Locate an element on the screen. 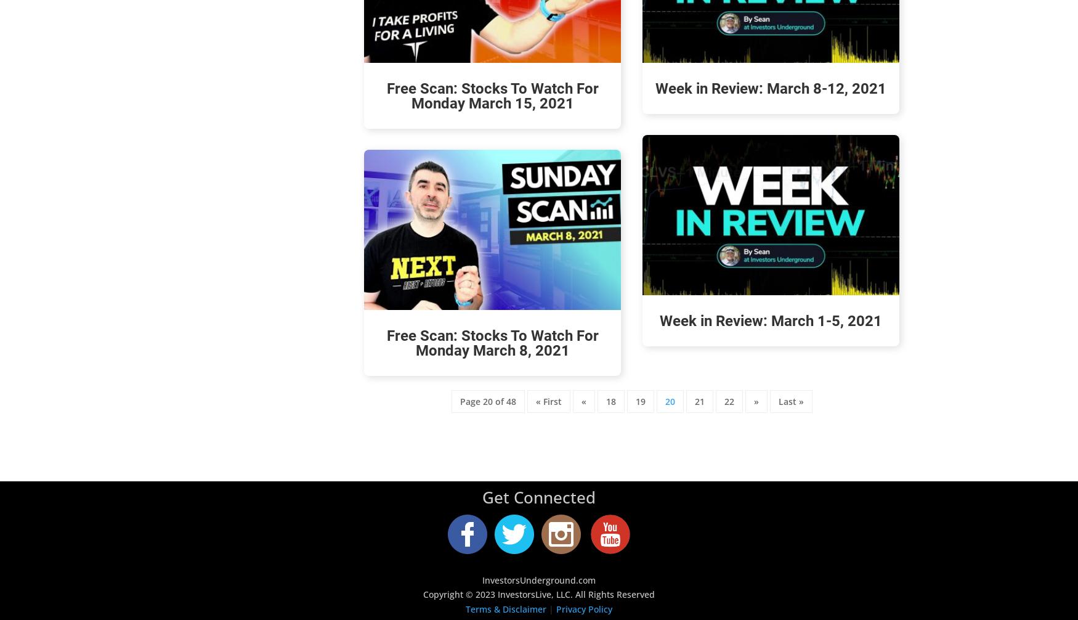 The height and width of the screenshot is (620, 1078). 'Privacy Policy' is located at coordinates (584, 608).